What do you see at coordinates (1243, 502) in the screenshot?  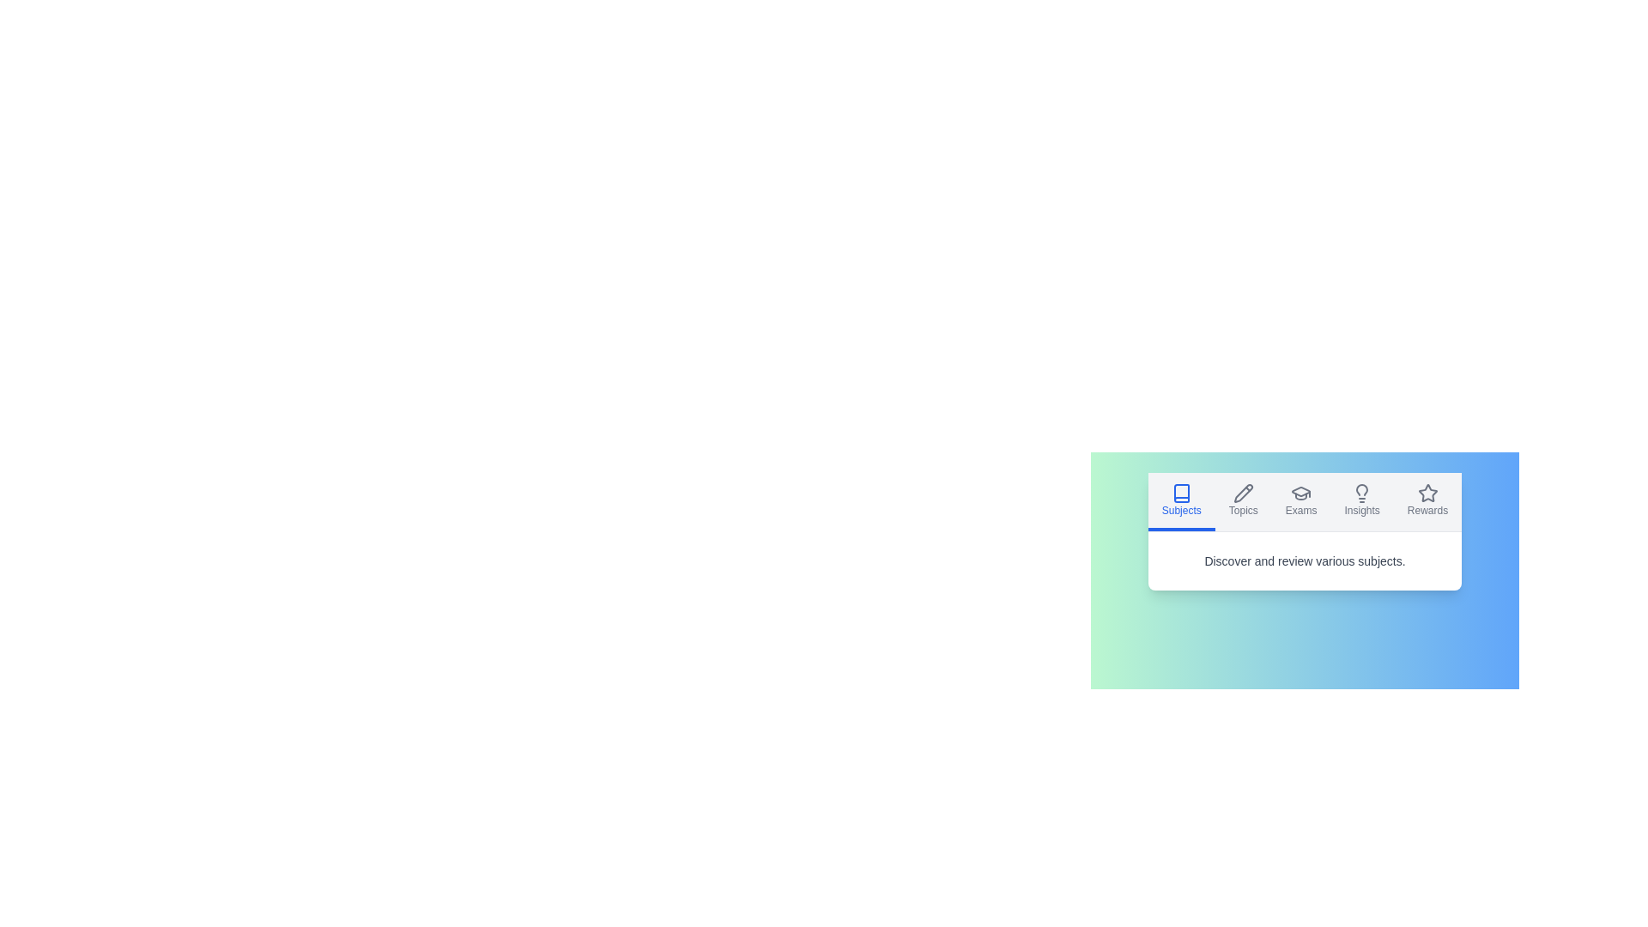 I see `the Topics tab by clicking on its corresponding button` at bounding box center [1243, 502].